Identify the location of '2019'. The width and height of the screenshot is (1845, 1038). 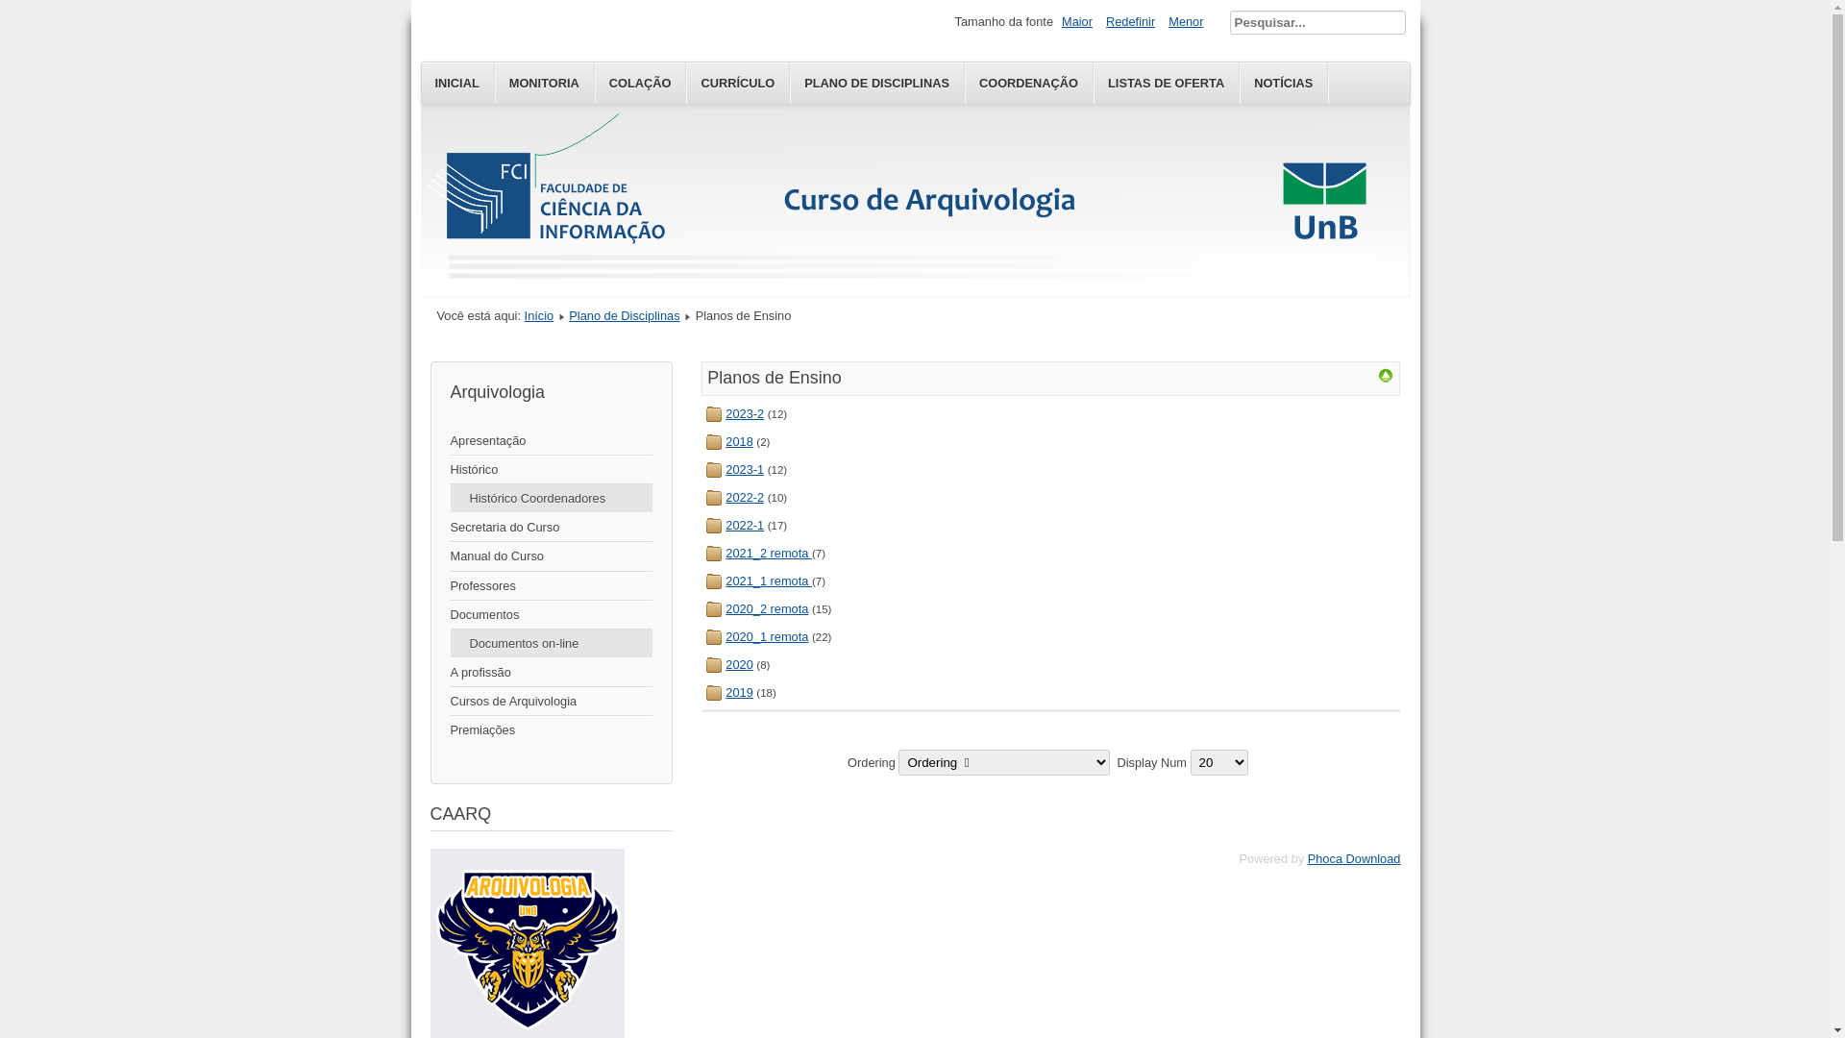
(737, 692).